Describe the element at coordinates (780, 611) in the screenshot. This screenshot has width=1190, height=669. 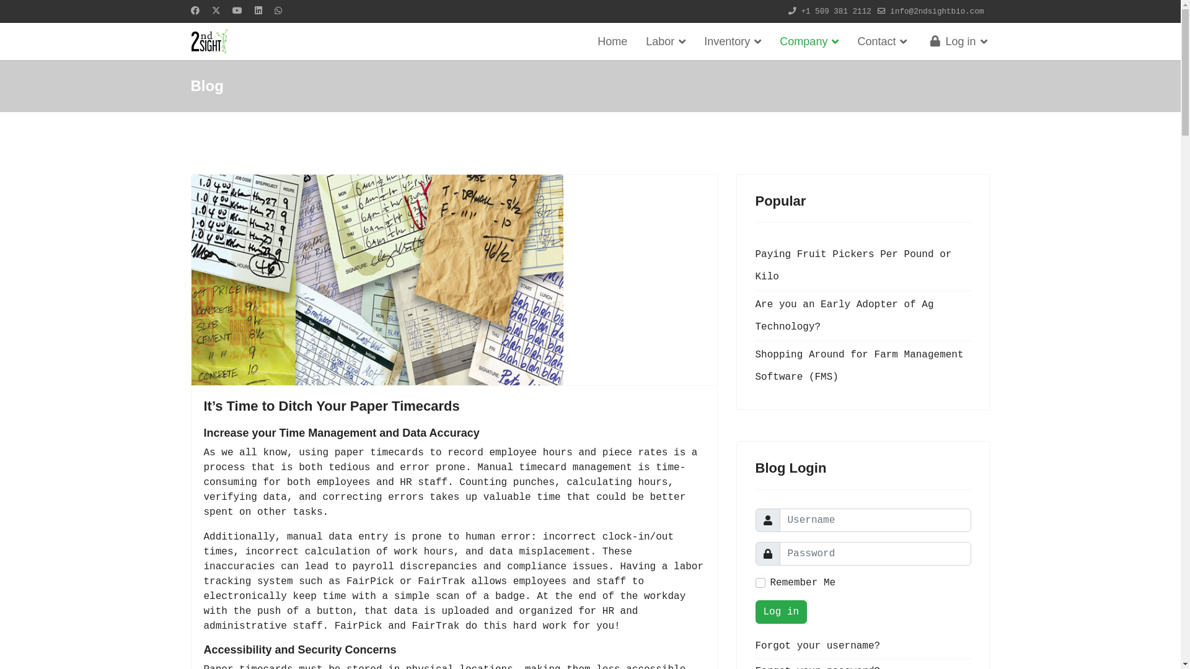
I see `'Log in'` at that location.